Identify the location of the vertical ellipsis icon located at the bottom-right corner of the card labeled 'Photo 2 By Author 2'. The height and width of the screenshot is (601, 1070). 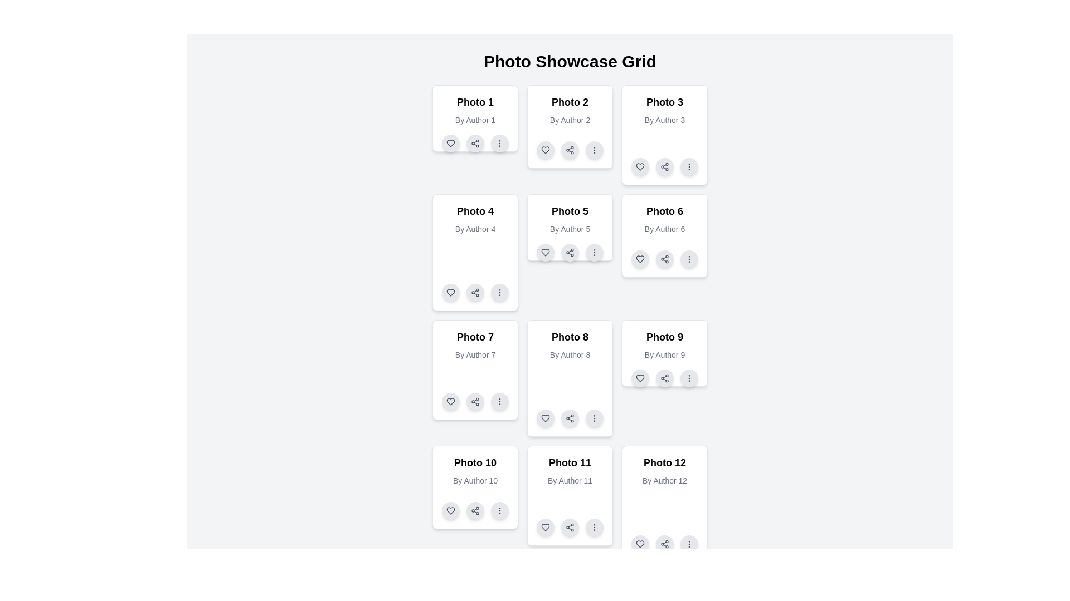
(594, 150).